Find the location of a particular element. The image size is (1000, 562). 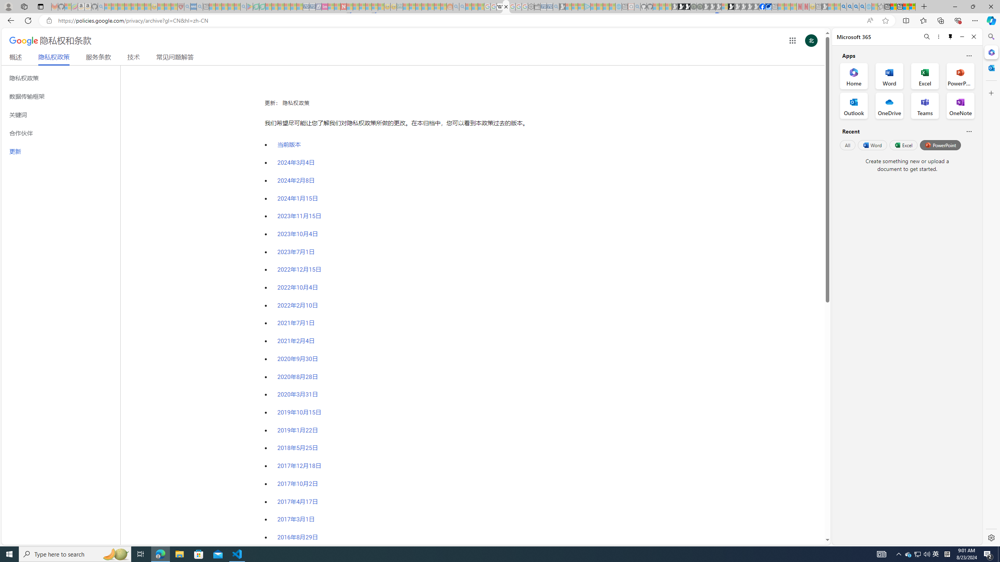

'Future Focus Report 2024 - Sleeping' is located at coordinates (699, 6).